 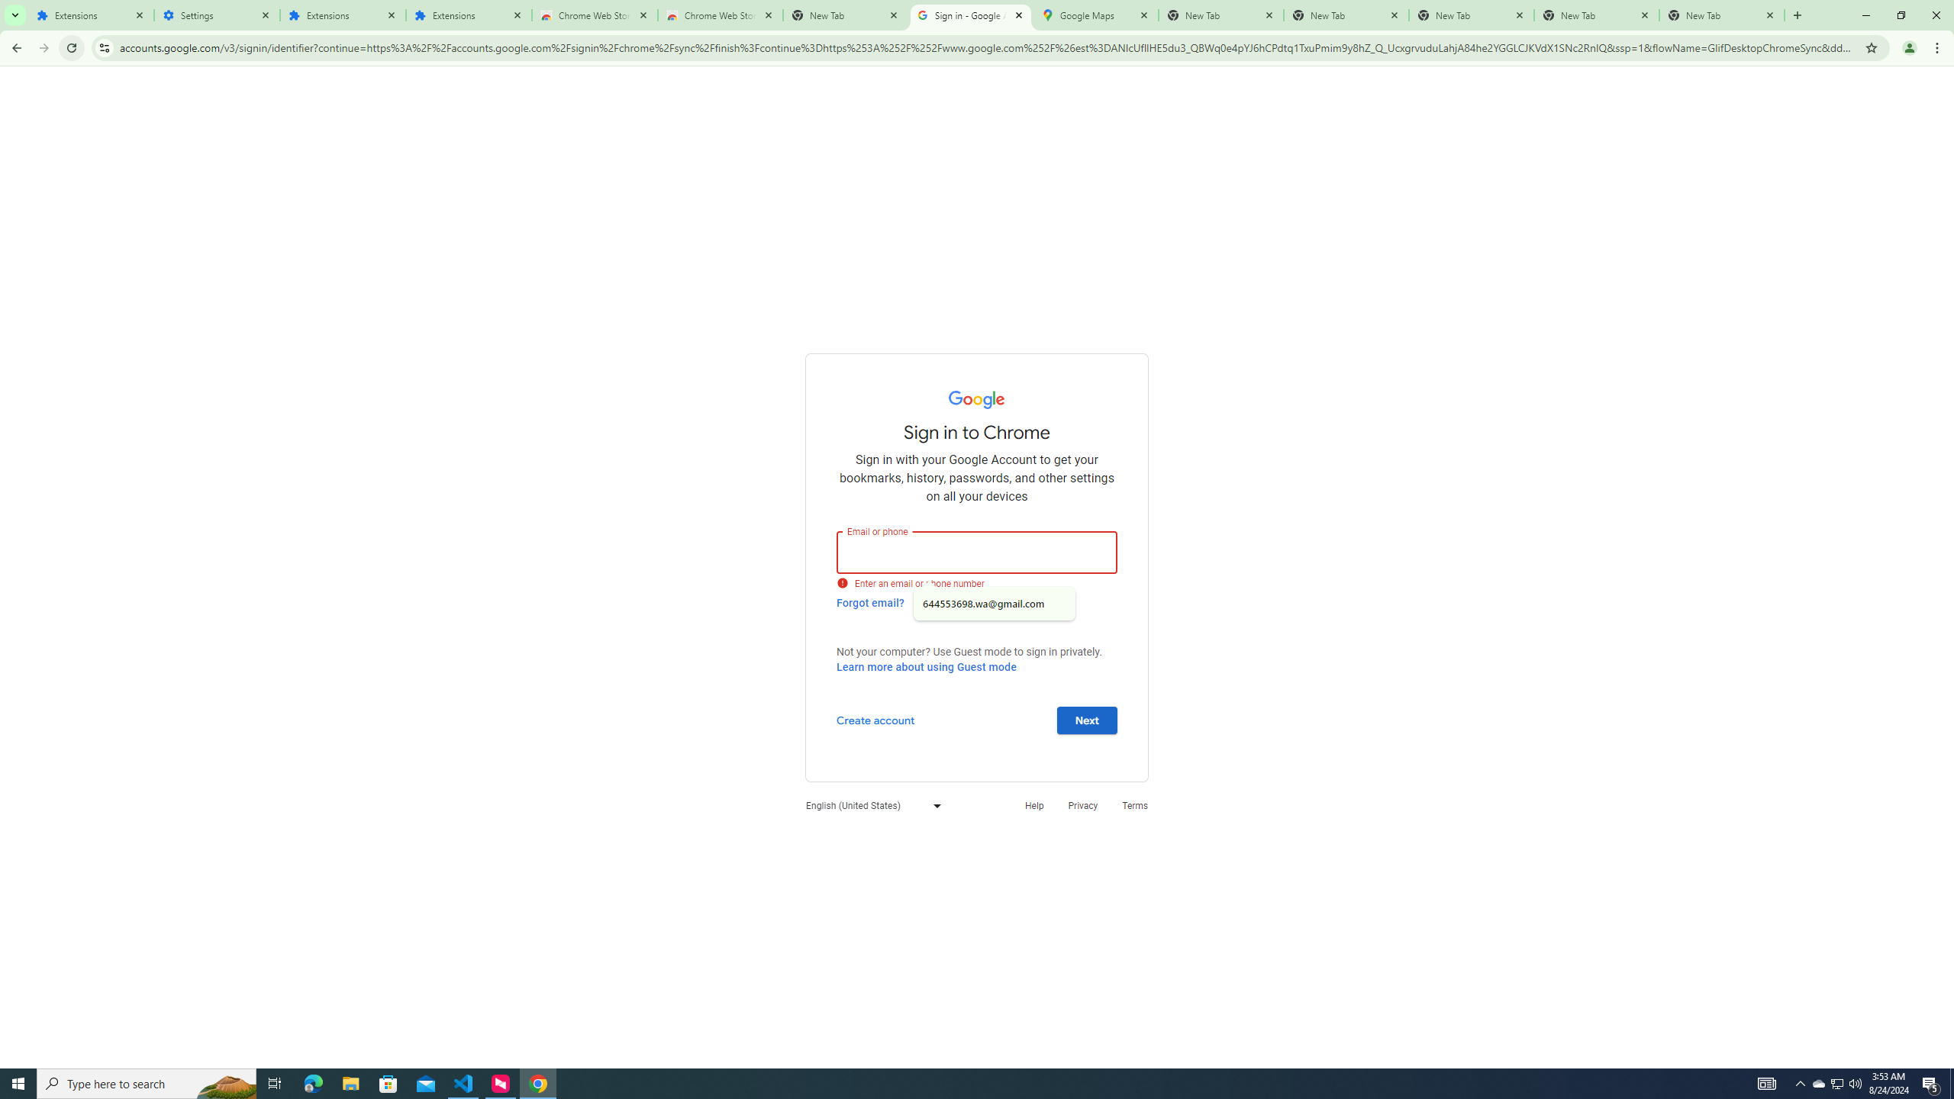 What do you see at coordinates (1095, 15) in the screenshot?
I see `'Google Maps'` at bounding box center [1095, 15].